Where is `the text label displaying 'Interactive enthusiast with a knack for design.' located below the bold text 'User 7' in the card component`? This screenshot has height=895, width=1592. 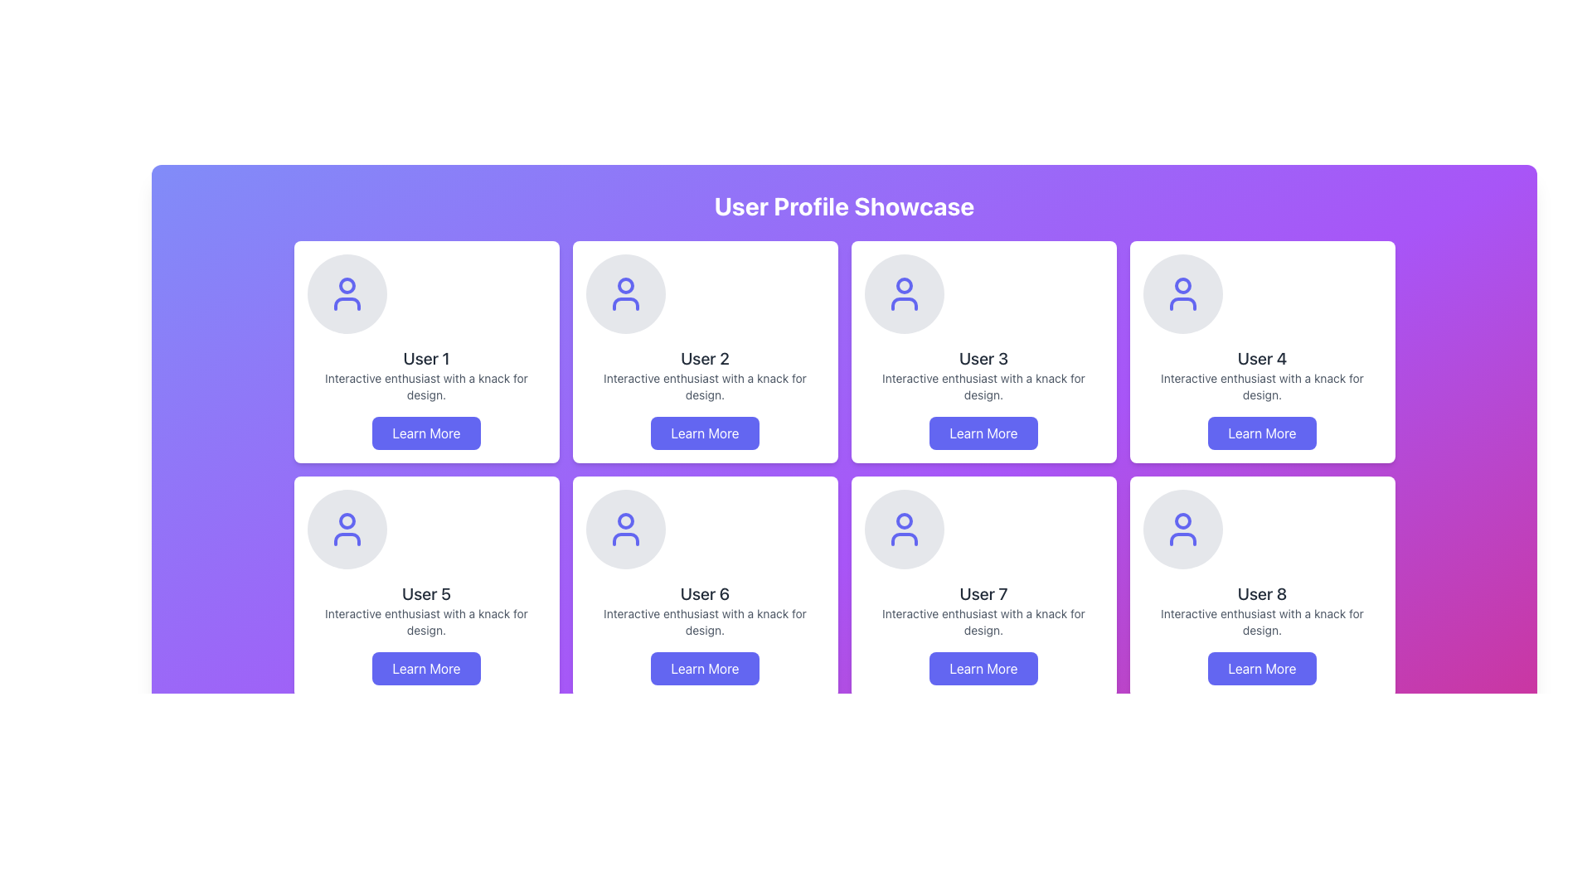 the text label displaying 'Interactive enthusiast with a knack for design.' located below the bold text 'User 7' in the card component is located at coordinates (983, 622).